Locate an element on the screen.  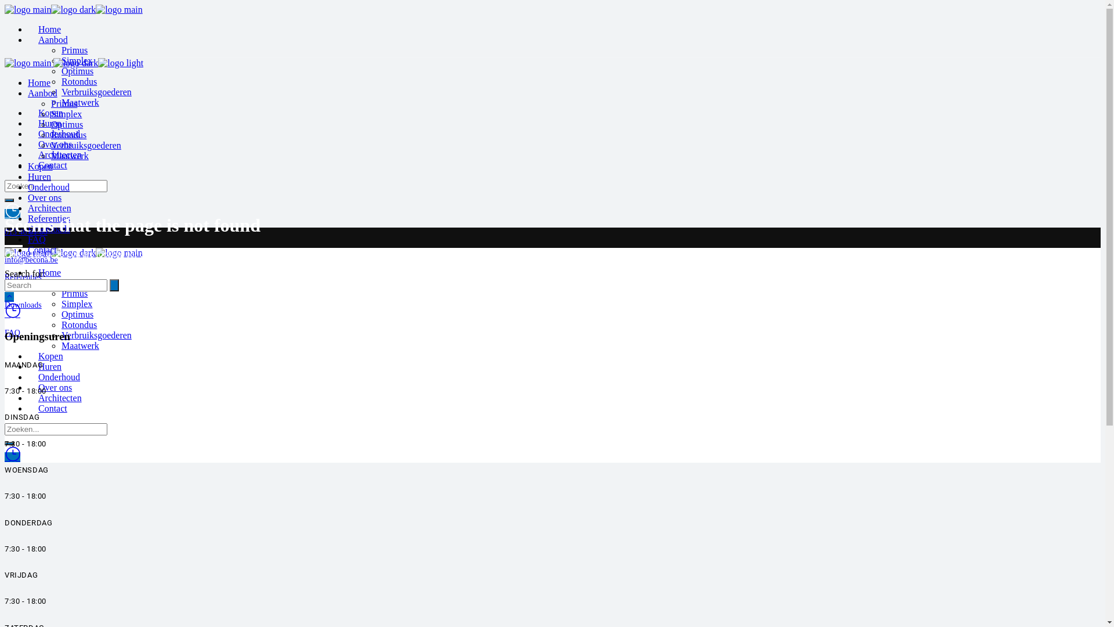
'Over ons' is located at coordinates (44, 197).